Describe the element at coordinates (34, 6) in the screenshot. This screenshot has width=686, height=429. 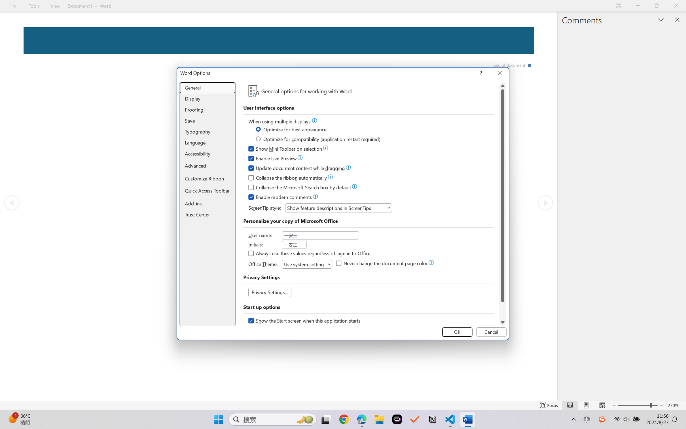
I see `'Tools'` at that location.